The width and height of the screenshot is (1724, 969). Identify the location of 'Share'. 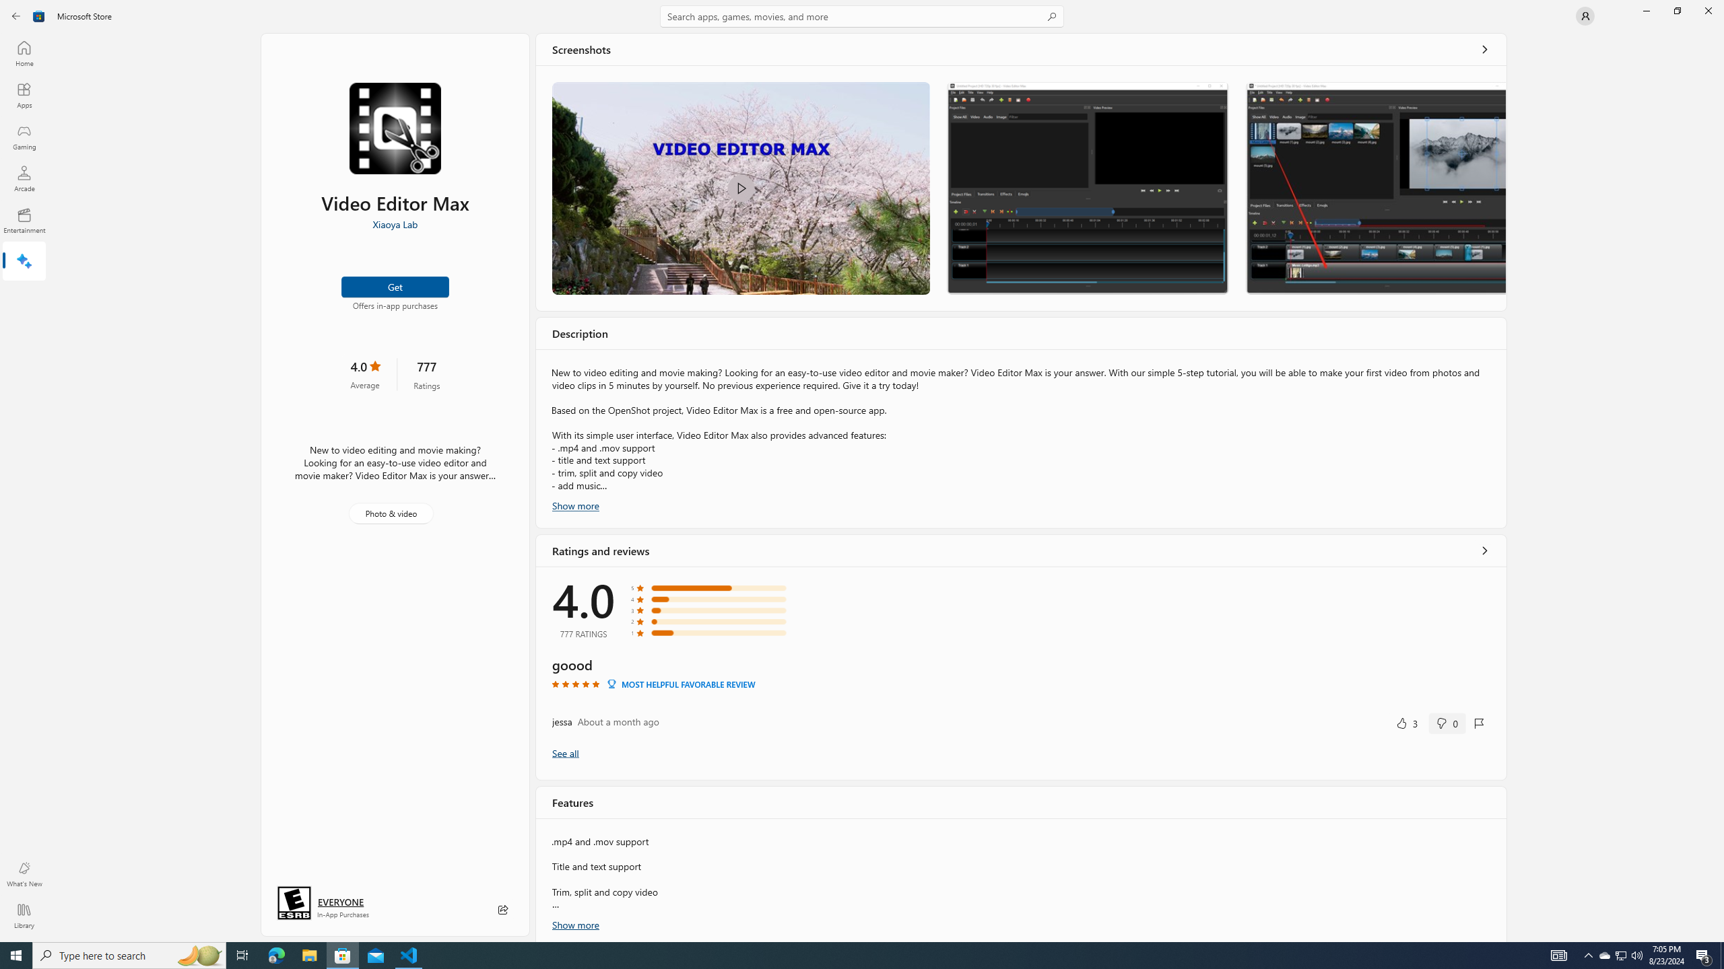
(502, 909).